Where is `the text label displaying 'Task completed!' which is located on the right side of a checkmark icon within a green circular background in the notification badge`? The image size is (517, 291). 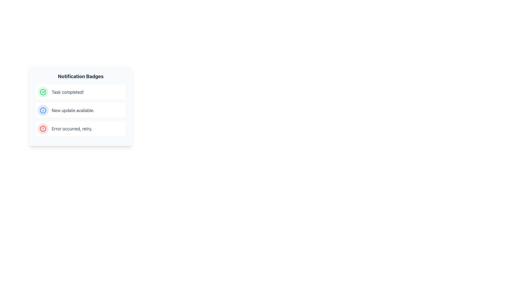 the text label displaying 'Task completed!' which is located on the right side of a checkmark icon within a green circular background in the notification badge is located at coordinates (67, 92).